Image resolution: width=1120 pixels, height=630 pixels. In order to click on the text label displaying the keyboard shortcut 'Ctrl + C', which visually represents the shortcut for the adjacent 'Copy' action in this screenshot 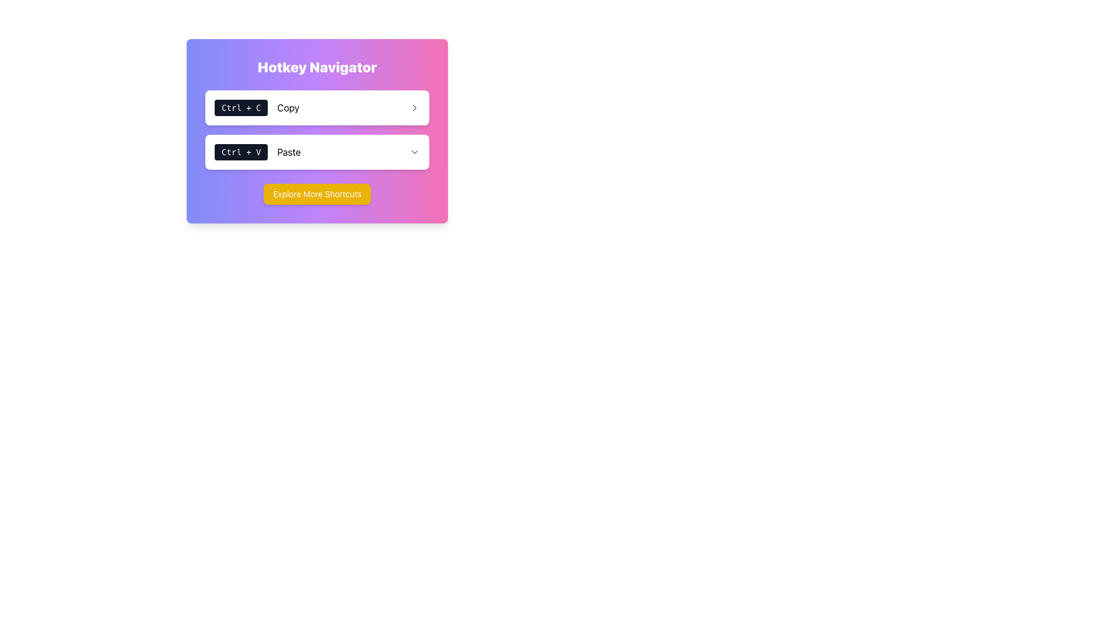, I will do `click(240, 108)`.